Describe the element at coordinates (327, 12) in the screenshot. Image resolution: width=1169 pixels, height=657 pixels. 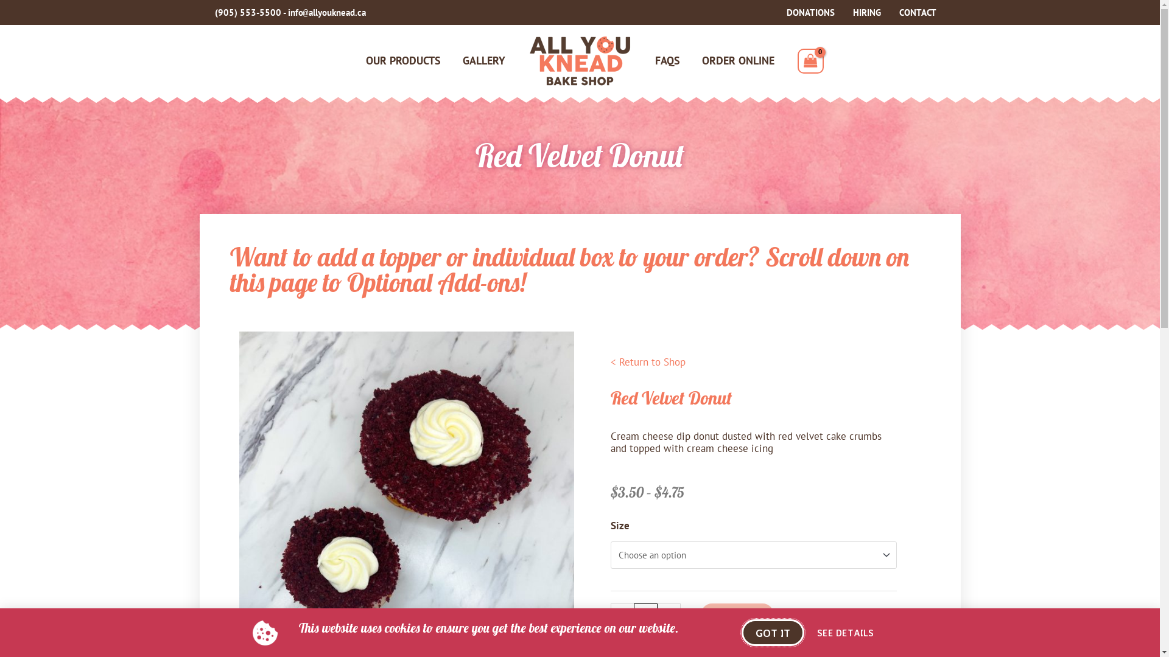
I see `'info@allyouknead.ca '` at that location.